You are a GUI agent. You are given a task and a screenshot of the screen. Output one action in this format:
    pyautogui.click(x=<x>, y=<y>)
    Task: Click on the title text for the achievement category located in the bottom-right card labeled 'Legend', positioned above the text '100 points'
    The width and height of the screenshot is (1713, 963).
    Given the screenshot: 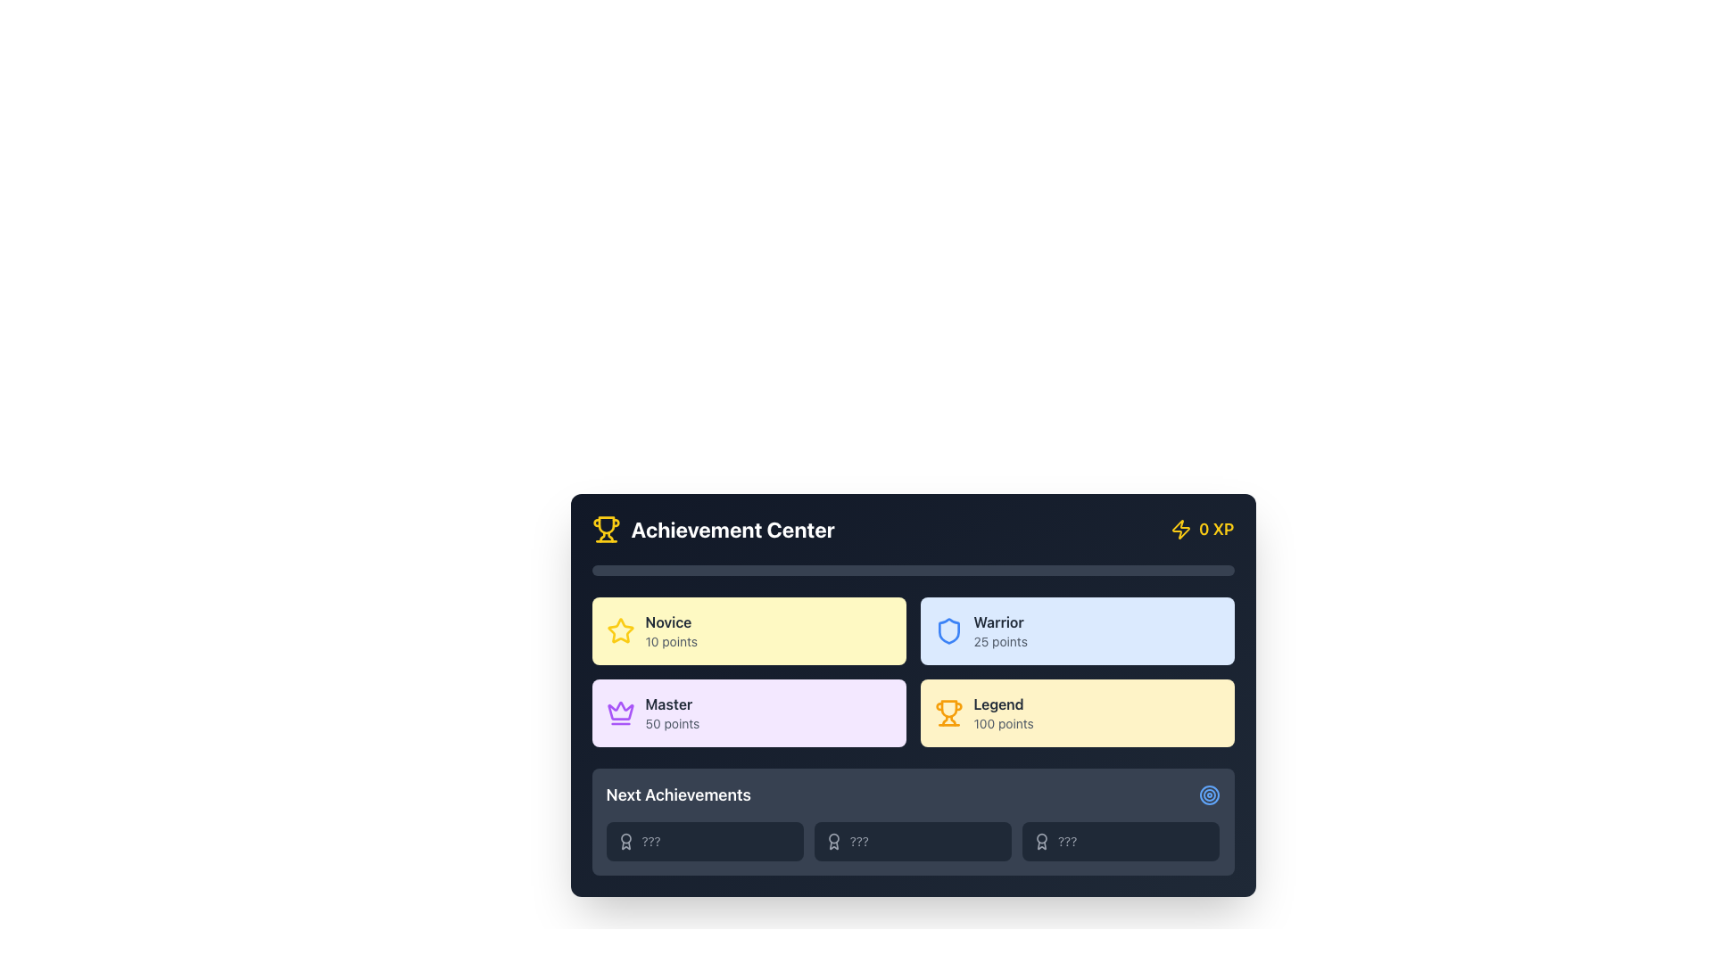 What is the action you would take?
    pyautogui.click(x=1004, y=704)
    